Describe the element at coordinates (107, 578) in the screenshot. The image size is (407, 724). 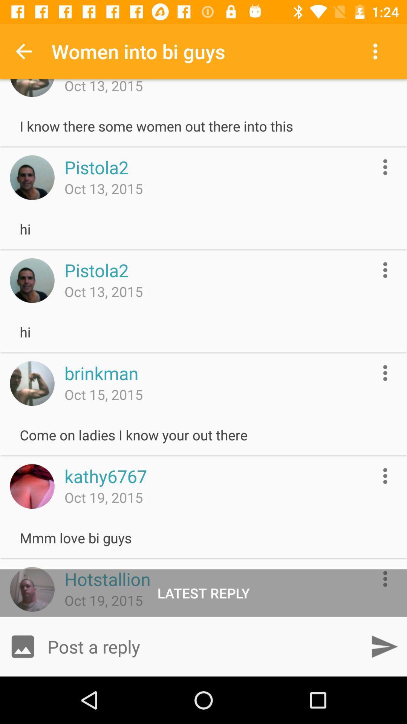
I see `hotstallion icon` at that location.